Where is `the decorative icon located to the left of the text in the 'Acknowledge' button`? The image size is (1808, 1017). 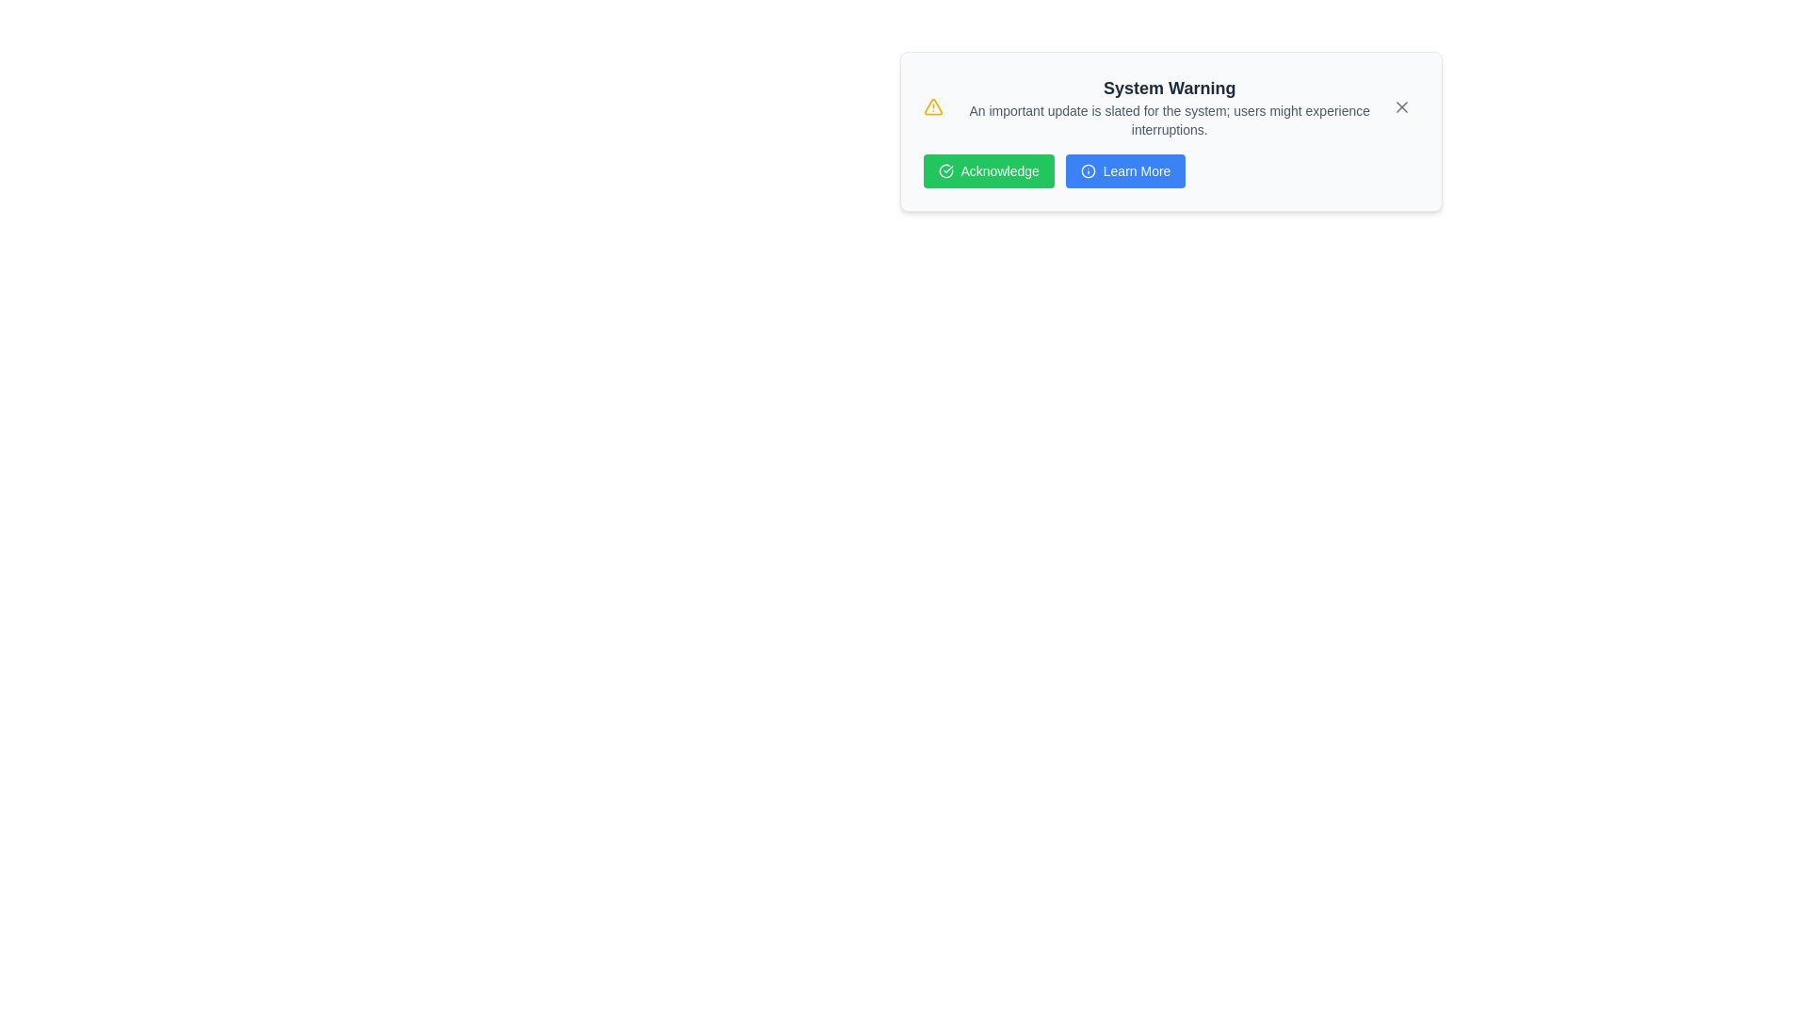
the decorative icon located to the left of the text in the 'Acknowledge' button is located at coordinates (945, 170).